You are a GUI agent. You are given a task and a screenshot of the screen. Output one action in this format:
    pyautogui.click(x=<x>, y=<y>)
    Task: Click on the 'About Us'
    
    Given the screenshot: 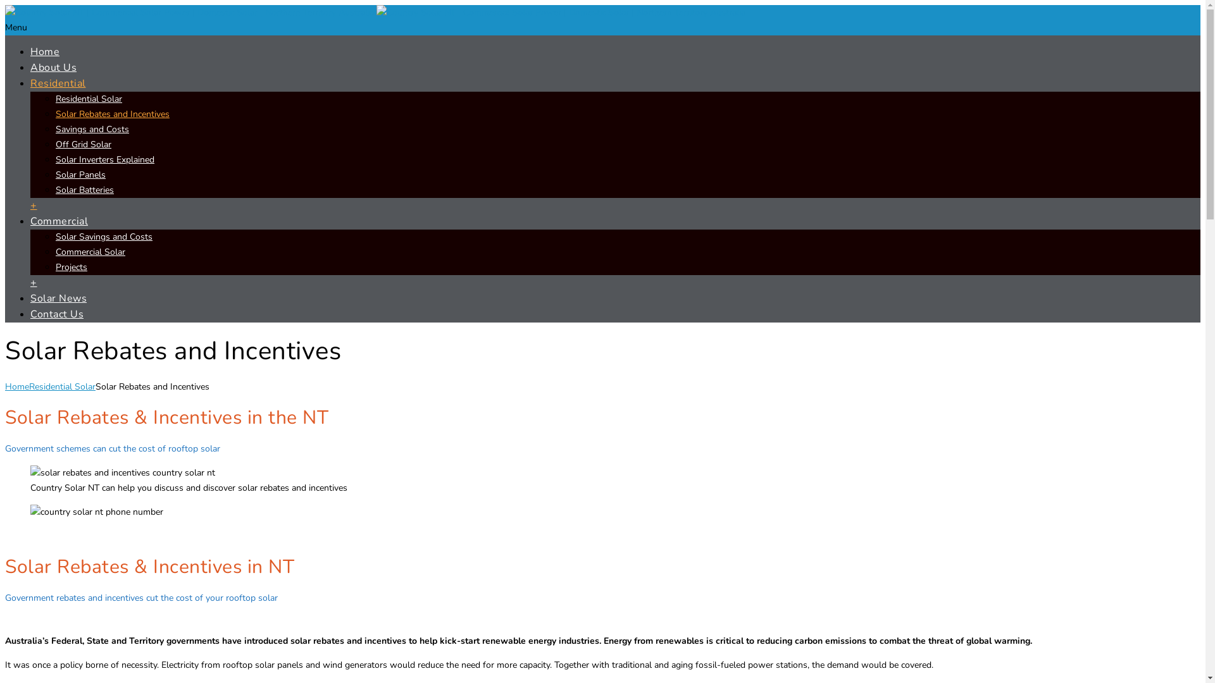 What is the action you would take?
    pyautogui.click(x=53, y=68)
    